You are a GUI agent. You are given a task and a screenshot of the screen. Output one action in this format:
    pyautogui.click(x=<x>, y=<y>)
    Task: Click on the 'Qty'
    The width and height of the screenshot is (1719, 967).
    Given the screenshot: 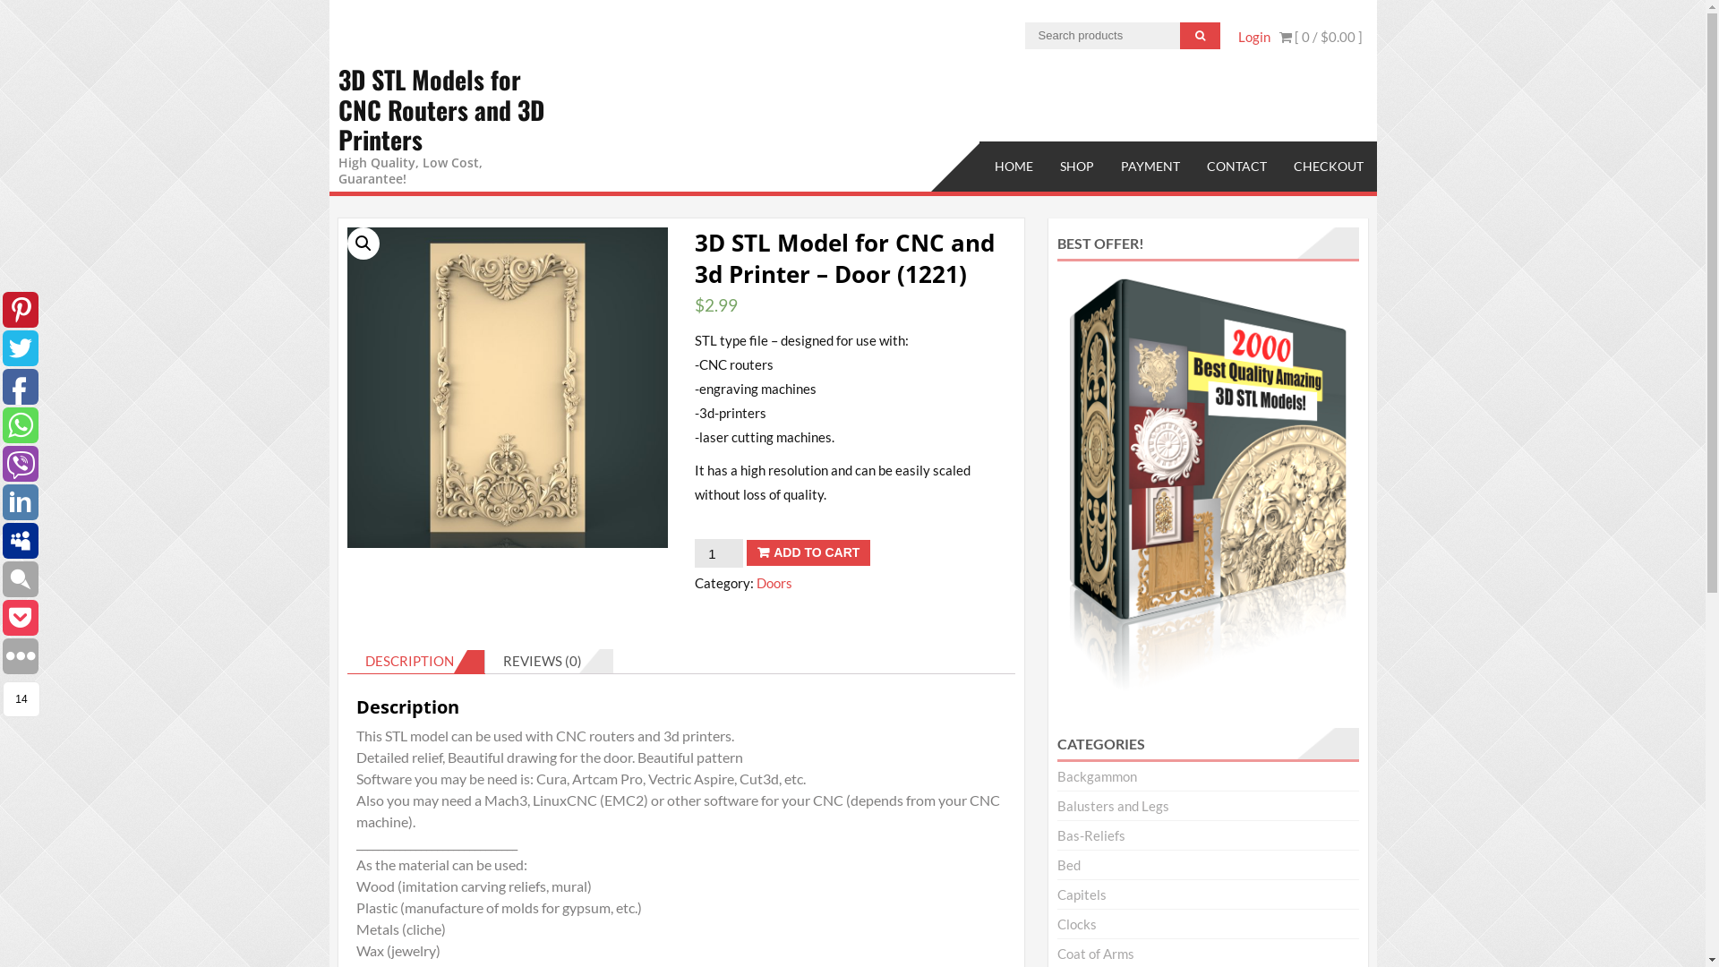 What is the action you would take?
    pyautogui.click(x=718, y=552)
    